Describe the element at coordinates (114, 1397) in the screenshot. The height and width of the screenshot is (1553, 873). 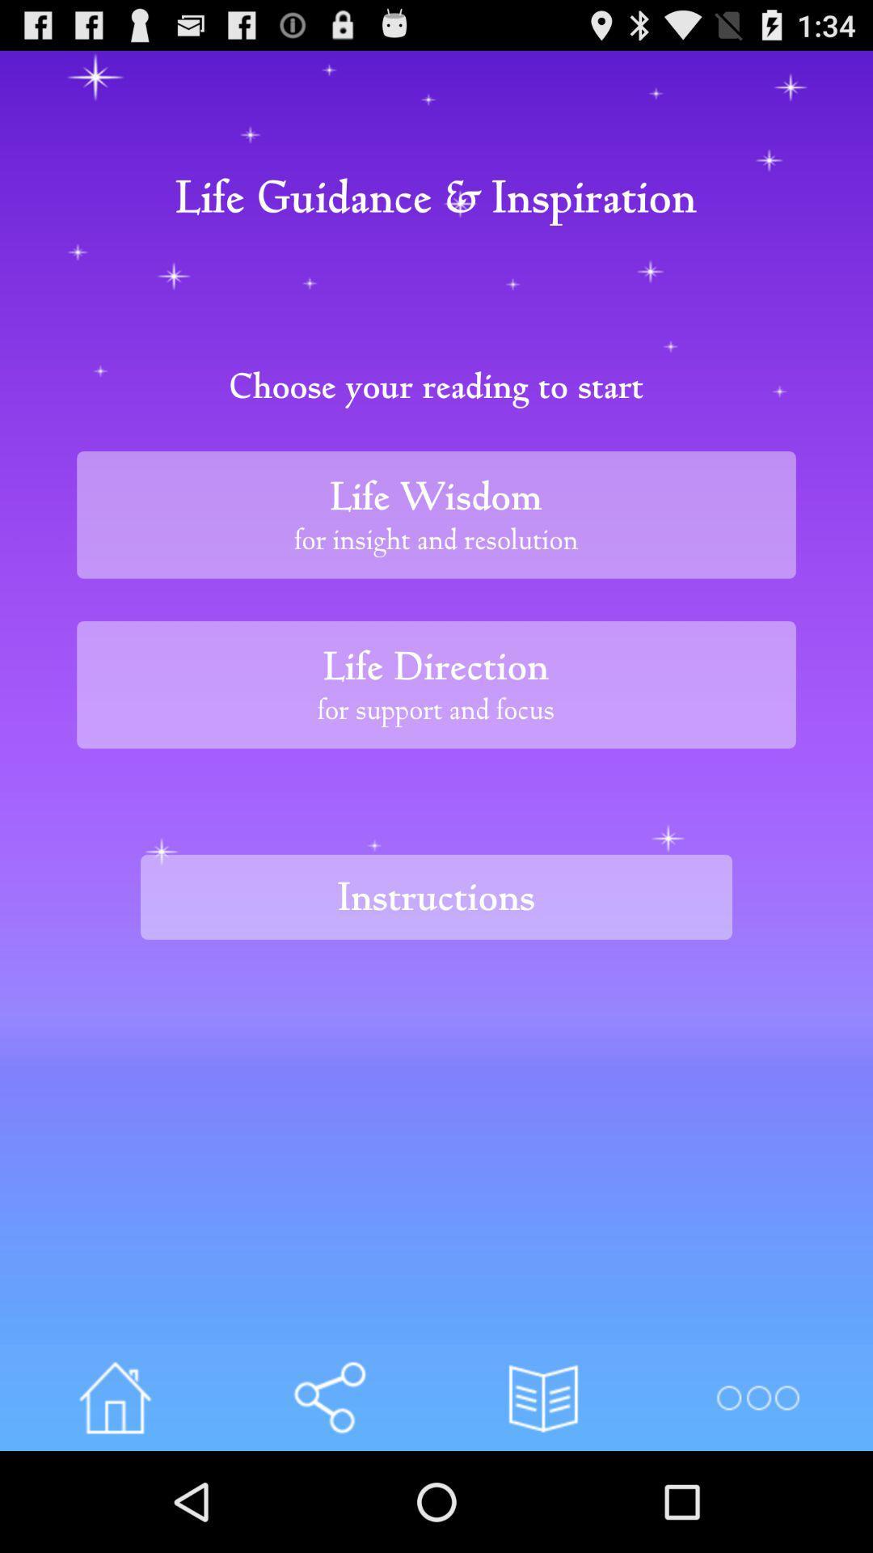
I see `icon below the instructions icon` at that location.